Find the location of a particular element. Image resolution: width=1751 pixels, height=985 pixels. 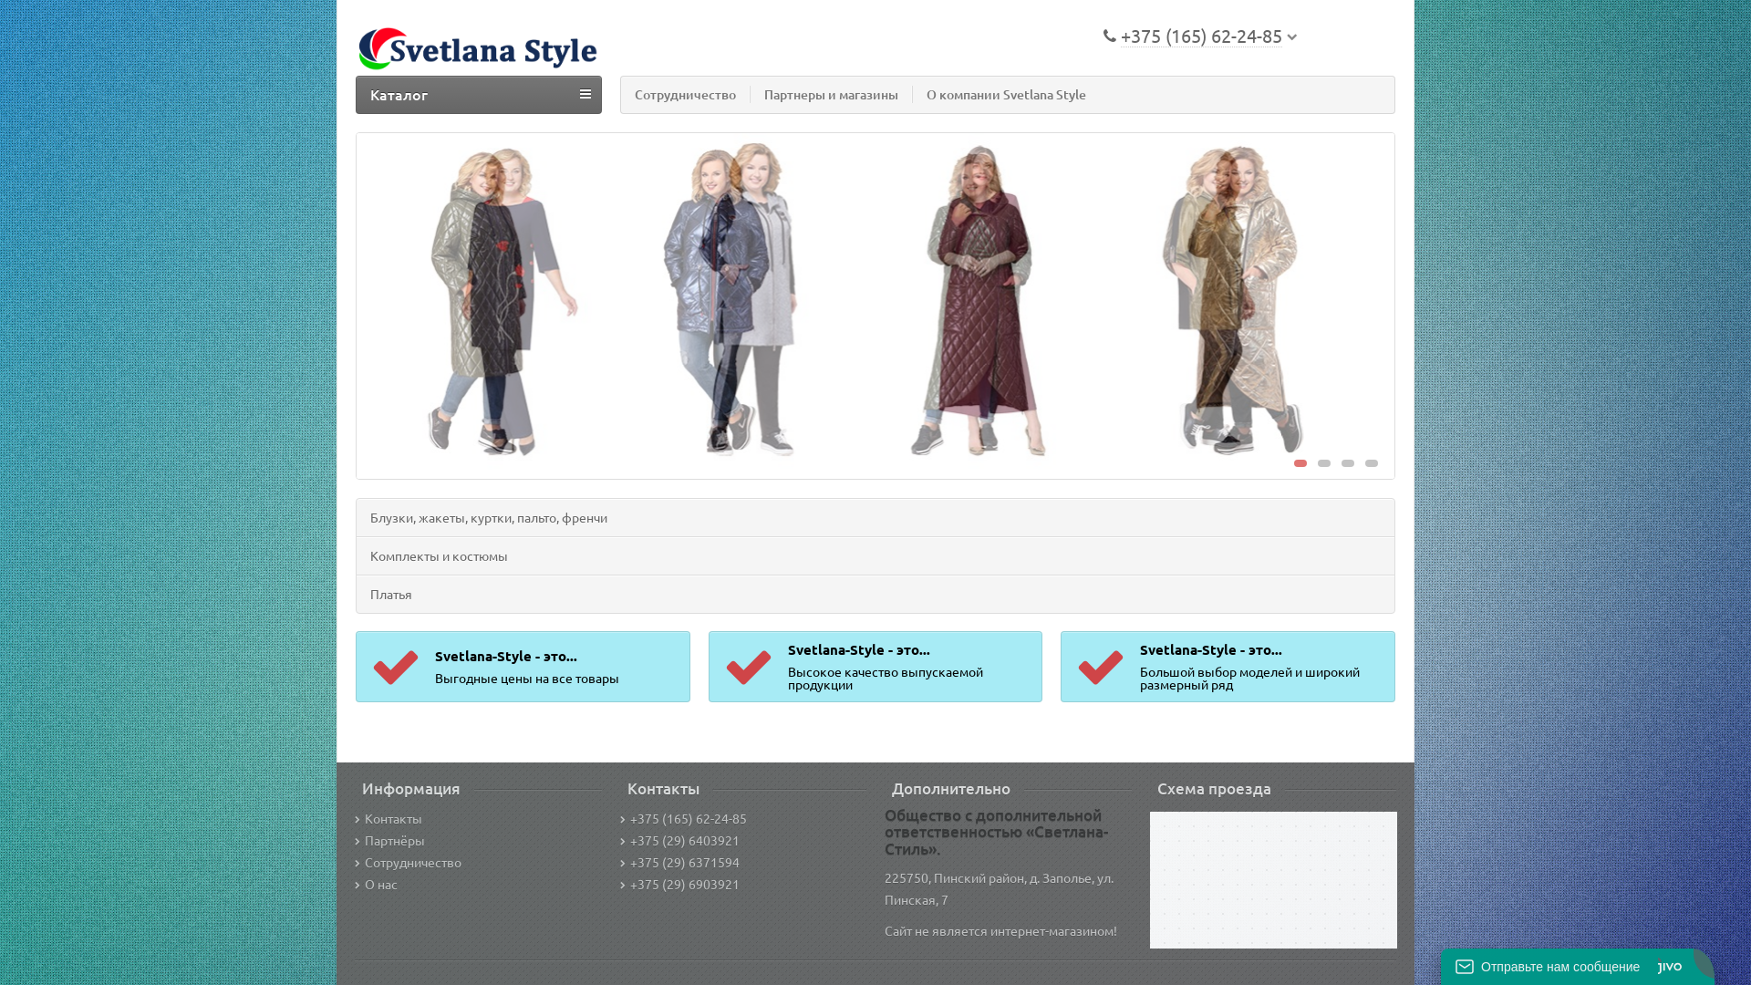

'+375 (29) 6371594' is located at coordinates (679, 862).